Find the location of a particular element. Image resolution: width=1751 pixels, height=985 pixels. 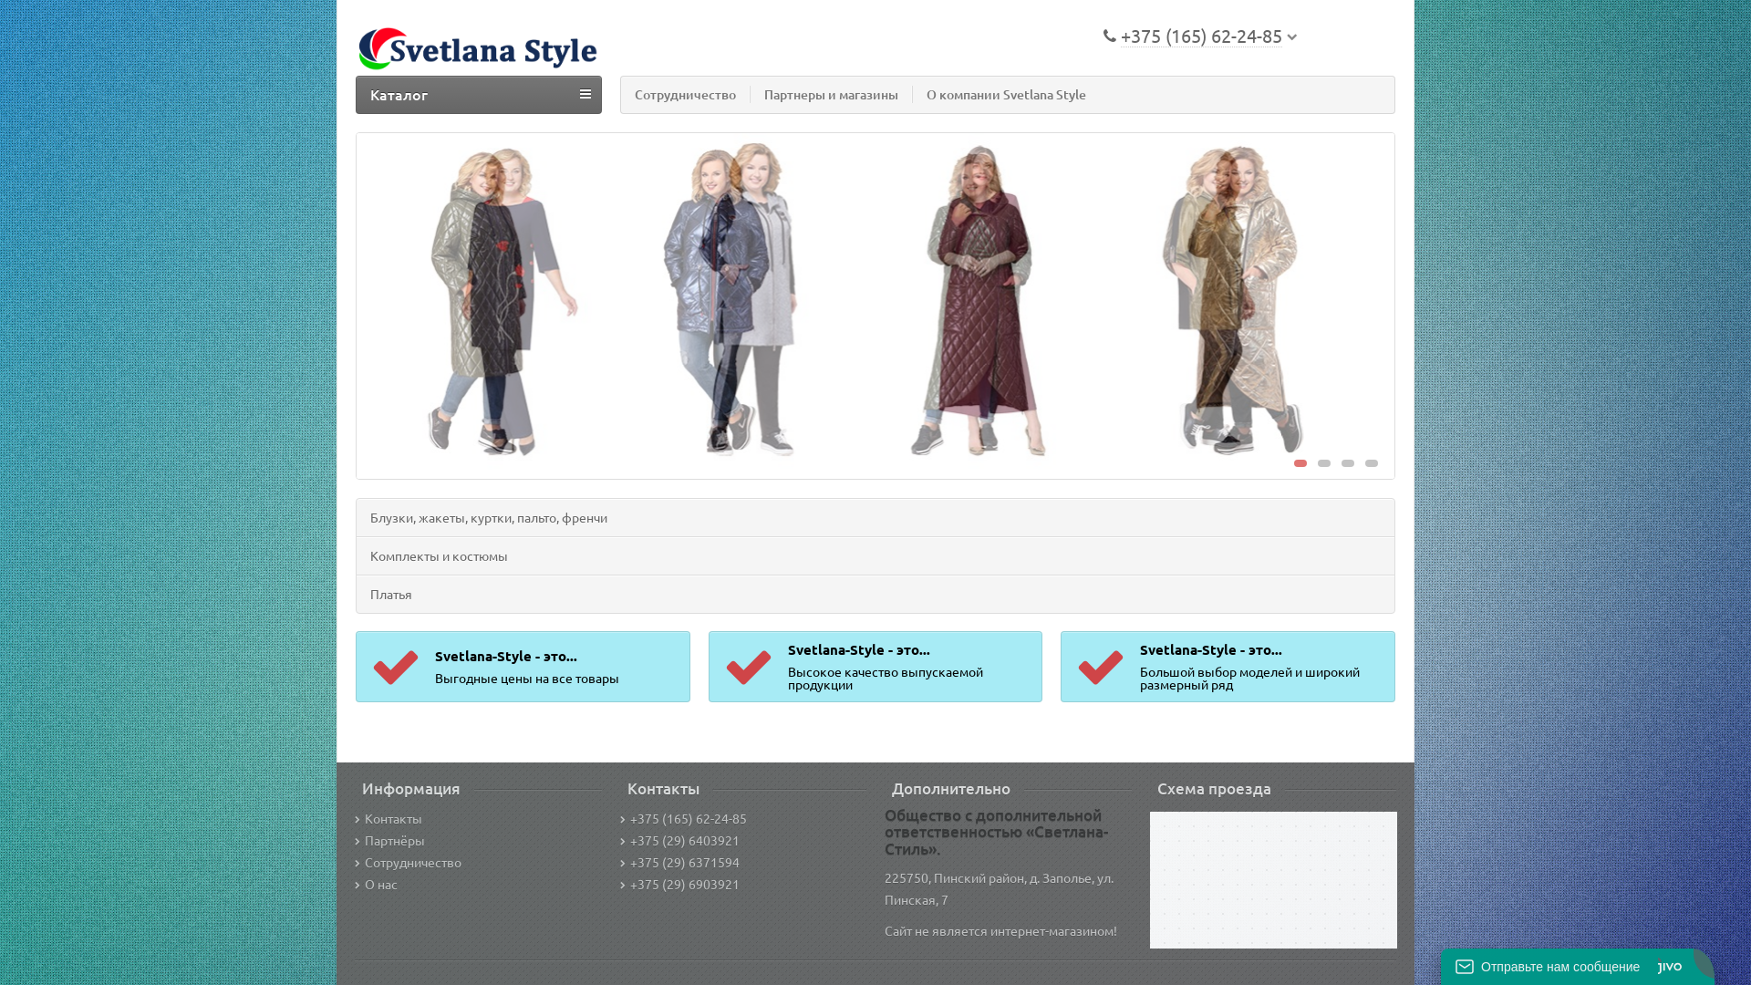

'+375 (29) 6371594' is located at coordinates (679, 862).